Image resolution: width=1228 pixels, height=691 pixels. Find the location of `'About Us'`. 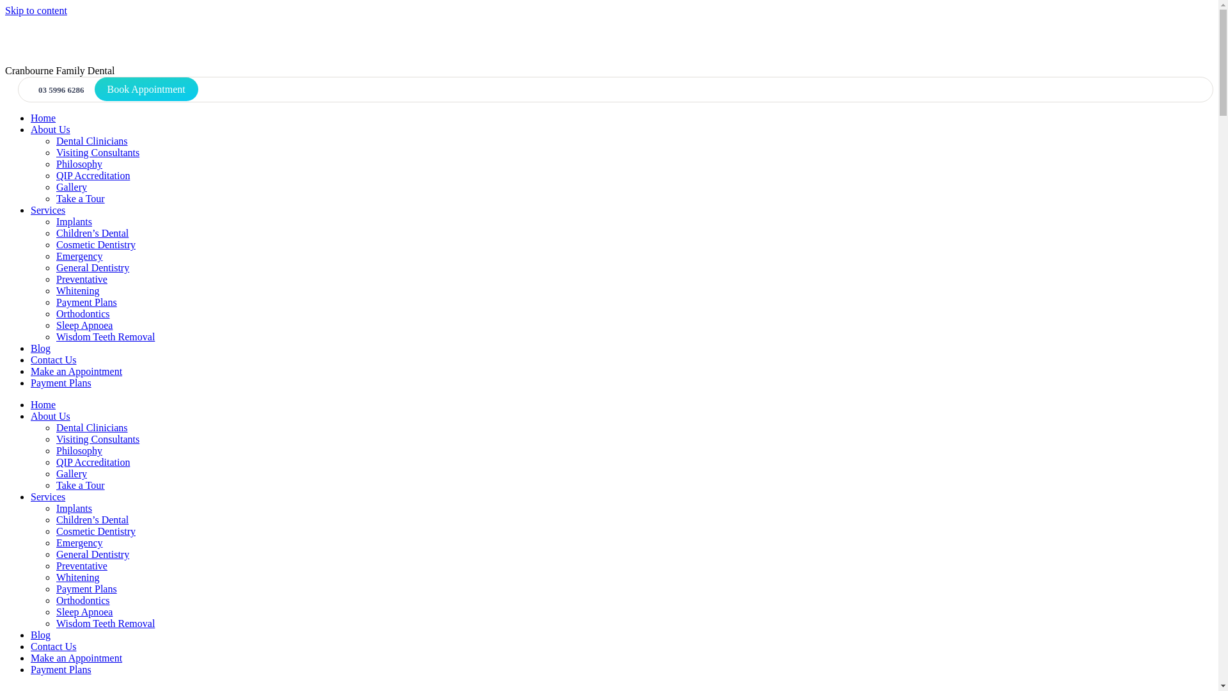

'About Us' is located at coordinates (50, 129).